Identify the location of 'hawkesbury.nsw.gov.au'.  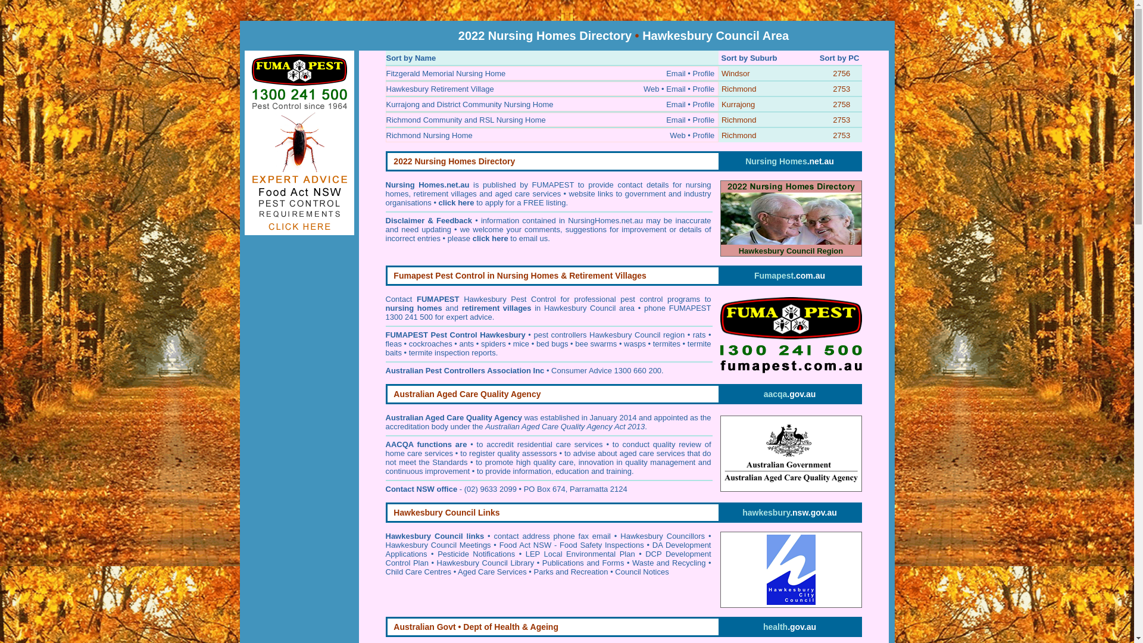
(789, 511).